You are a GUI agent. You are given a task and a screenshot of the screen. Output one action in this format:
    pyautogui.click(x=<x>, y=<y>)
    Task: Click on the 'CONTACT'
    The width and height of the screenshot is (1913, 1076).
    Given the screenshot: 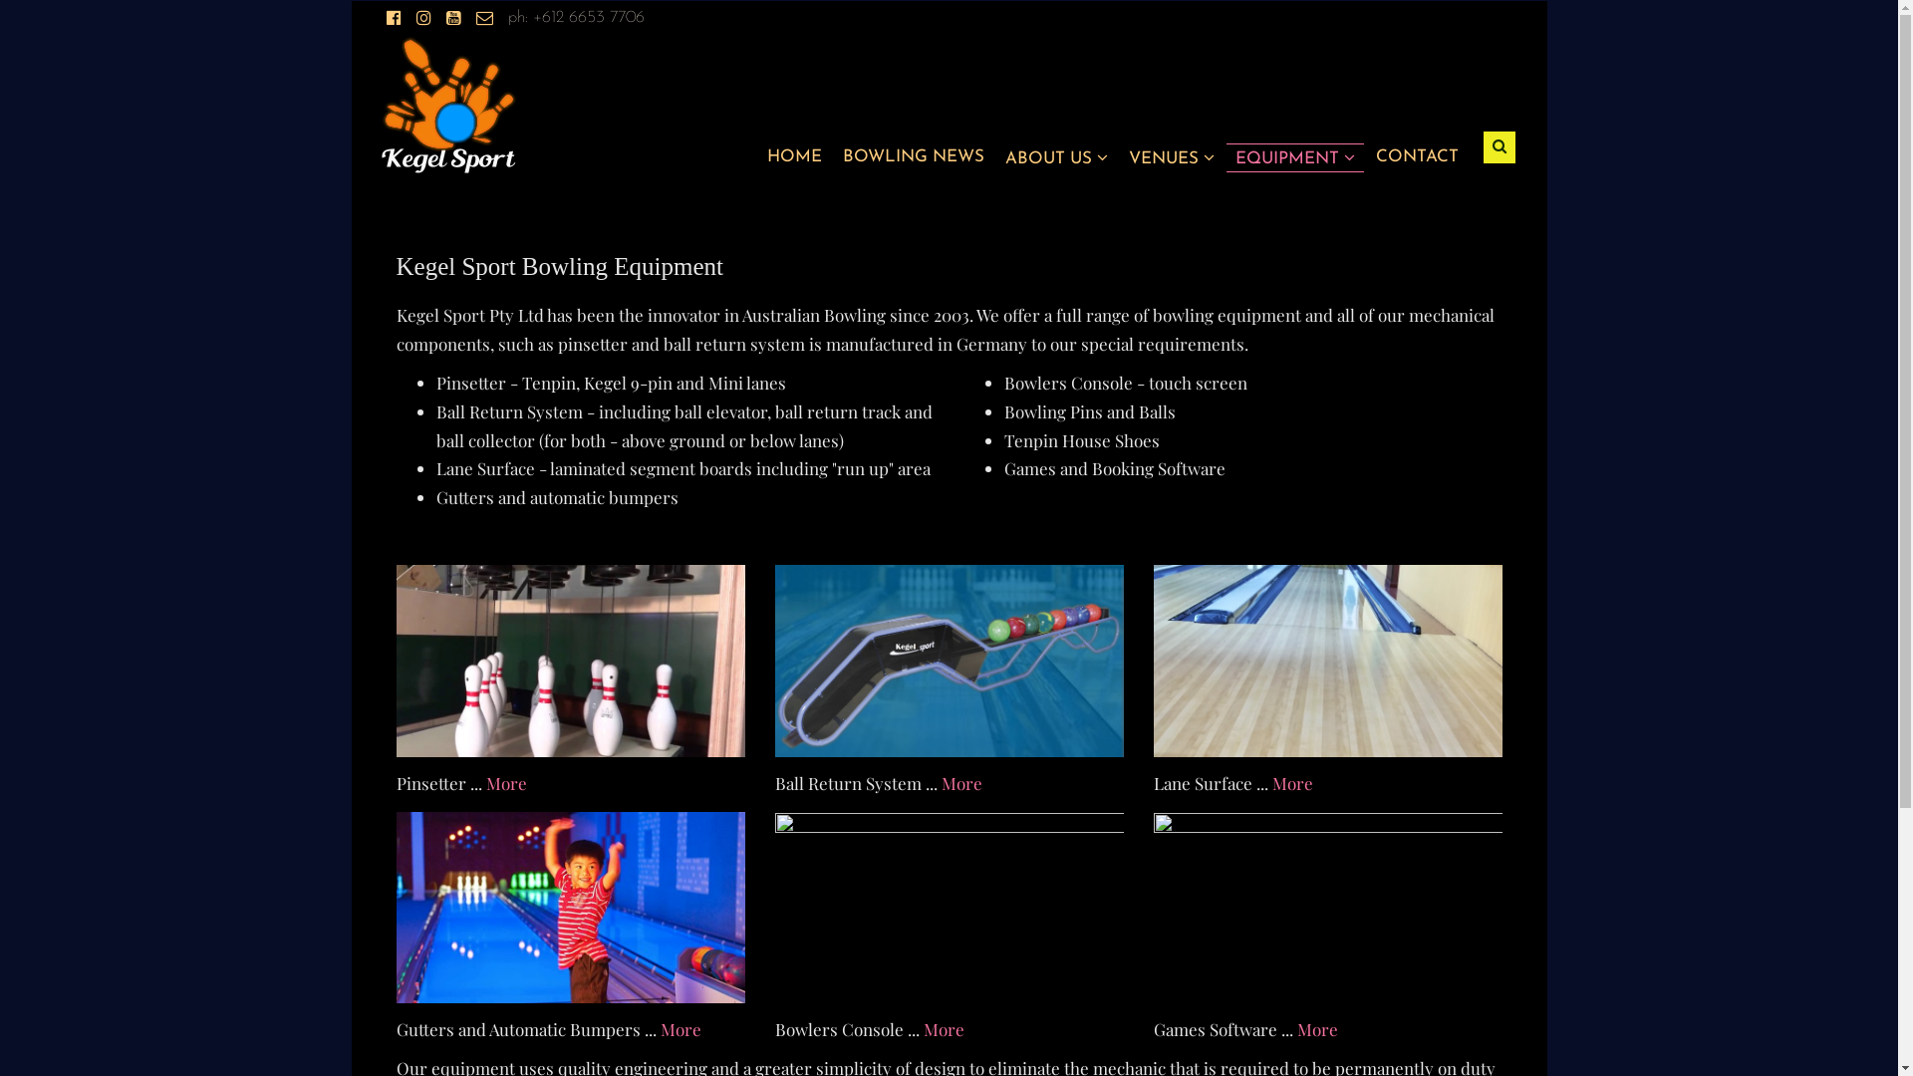 What is the action you would take?
    pyautogui.click(x=1415, y=155)
    